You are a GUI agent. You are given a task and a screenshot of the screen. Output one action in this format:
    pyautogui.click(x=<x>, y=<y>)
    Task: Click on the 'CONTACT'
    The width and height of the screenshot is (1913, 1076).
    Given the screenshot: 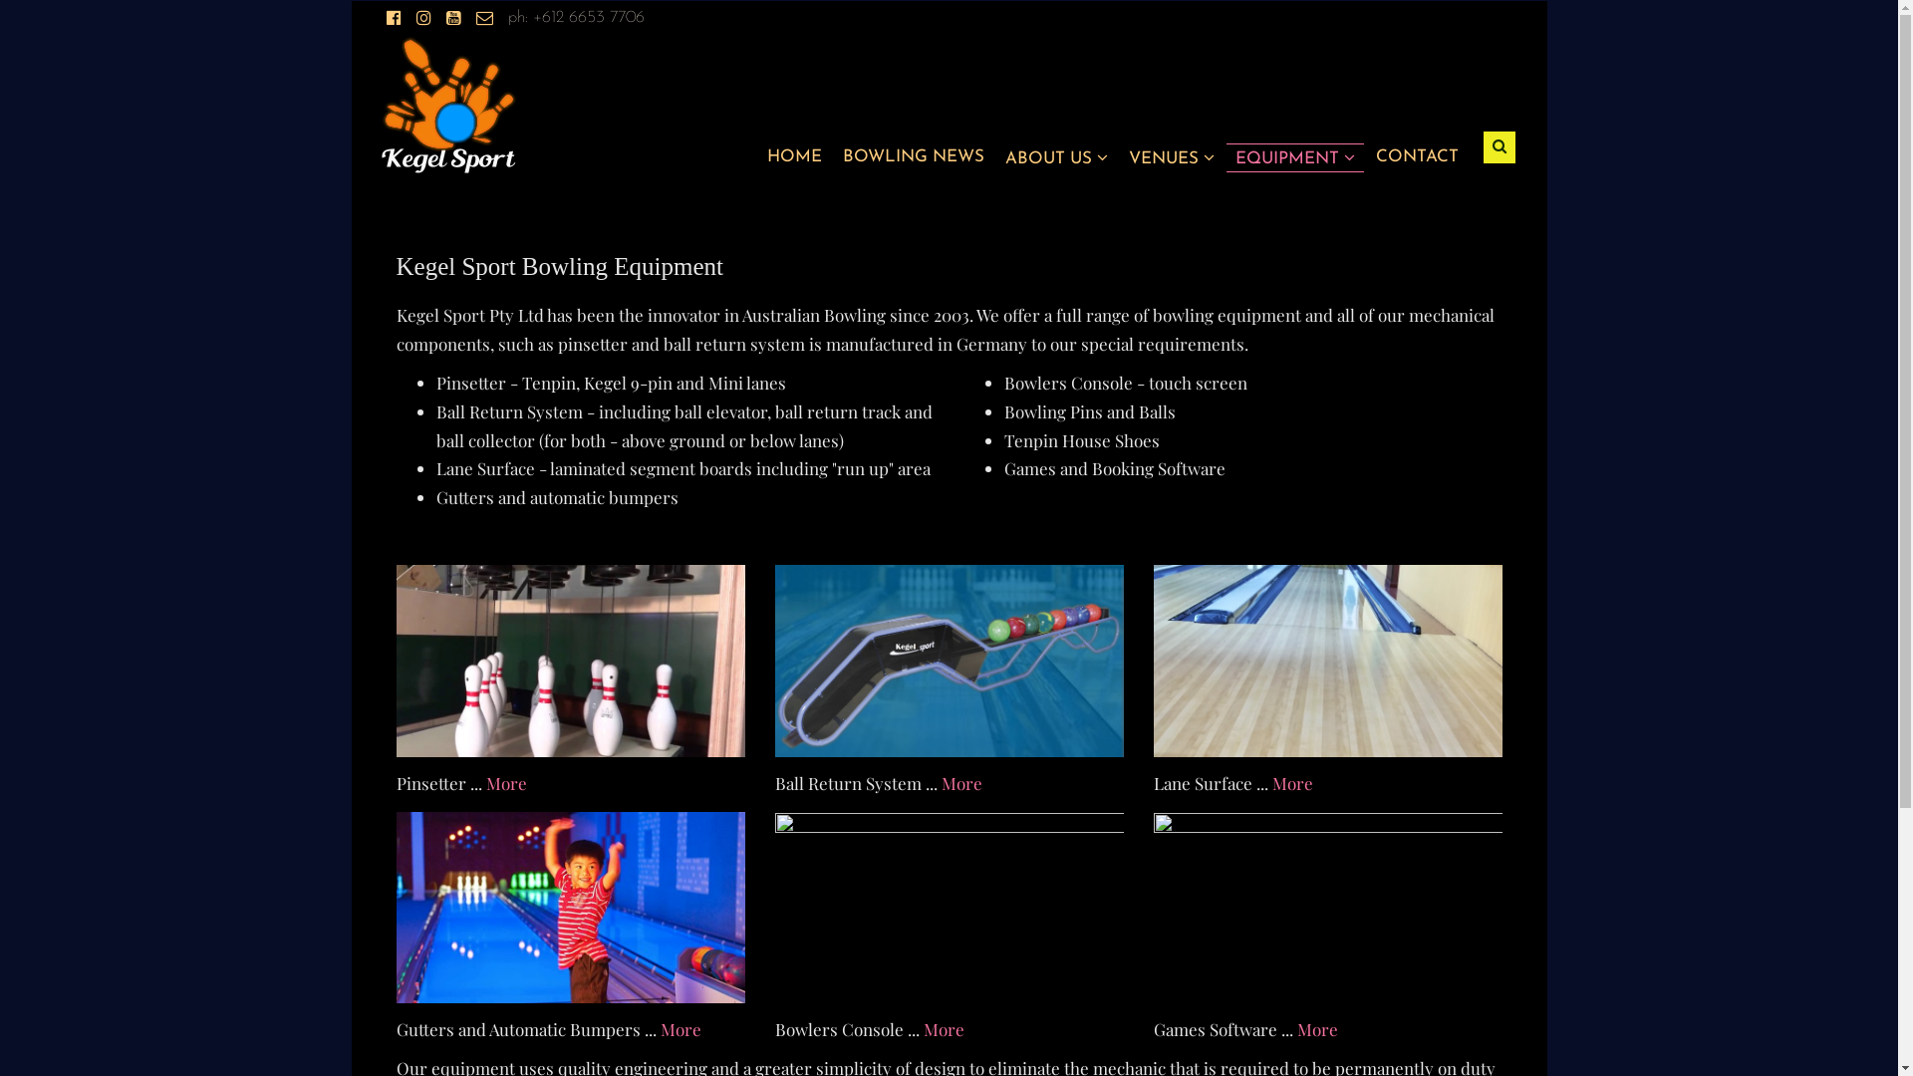 What is the action you would take?
    pyautogui.click(x=1415, y=155)
    